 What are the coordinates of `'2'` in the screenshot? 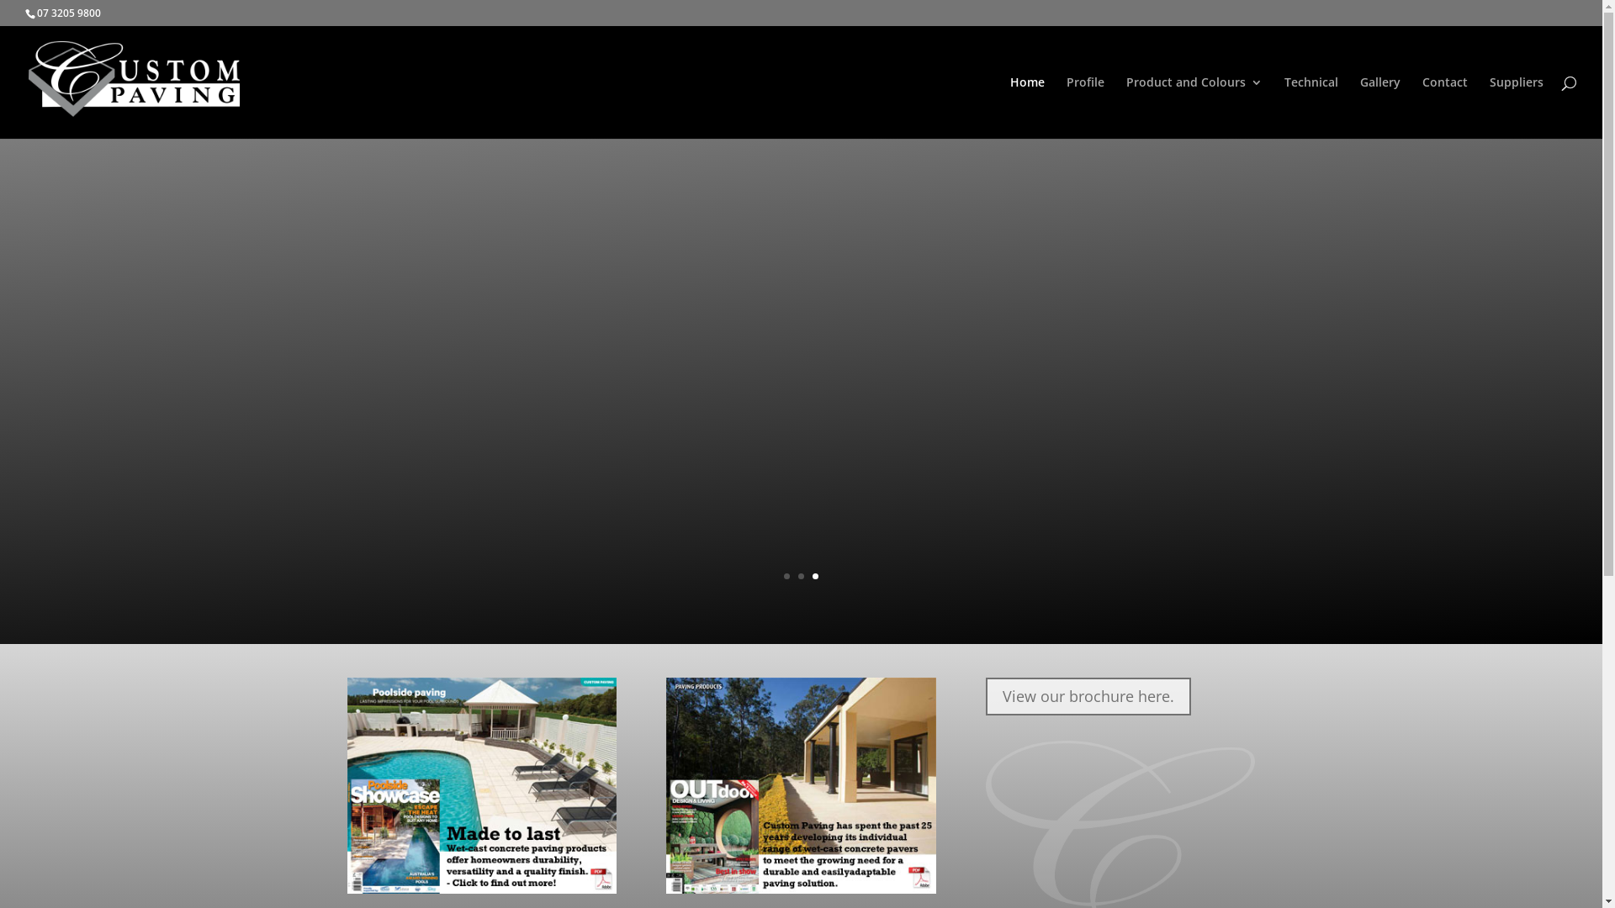 It's located at (797, 575).